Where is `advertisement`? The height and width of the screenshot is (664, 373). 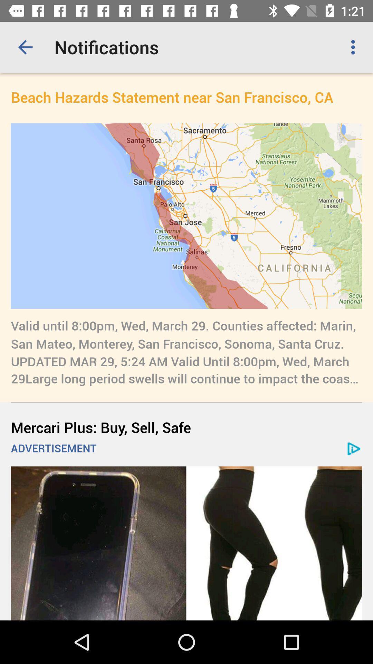
advertisement is located at coordinates (186, 543).